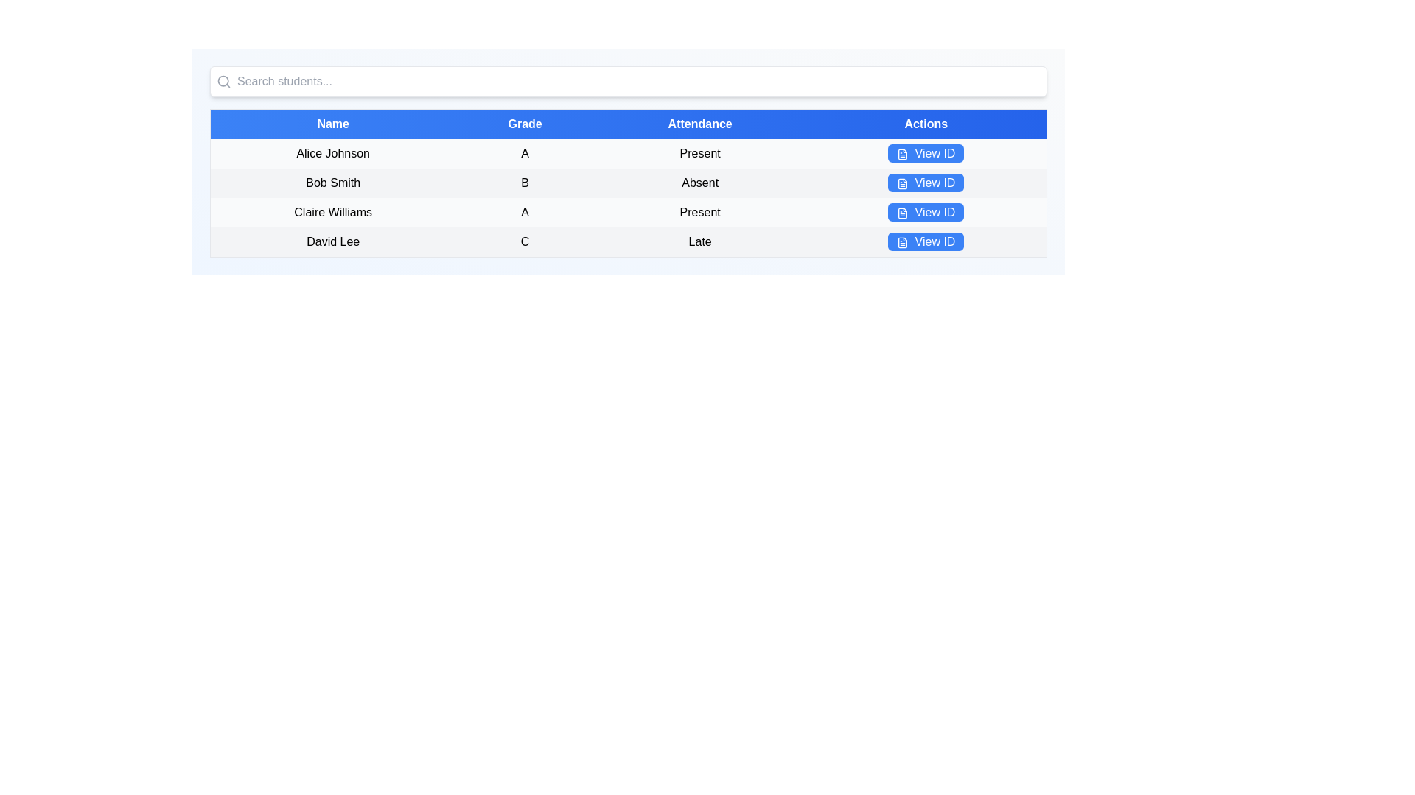  Describe the element at coordinates (902, 213) in the screenshot. I see `the file-related icon within the 'View ID' button in the 'Actions' column, third row for 'Claire Williams'` at that location.